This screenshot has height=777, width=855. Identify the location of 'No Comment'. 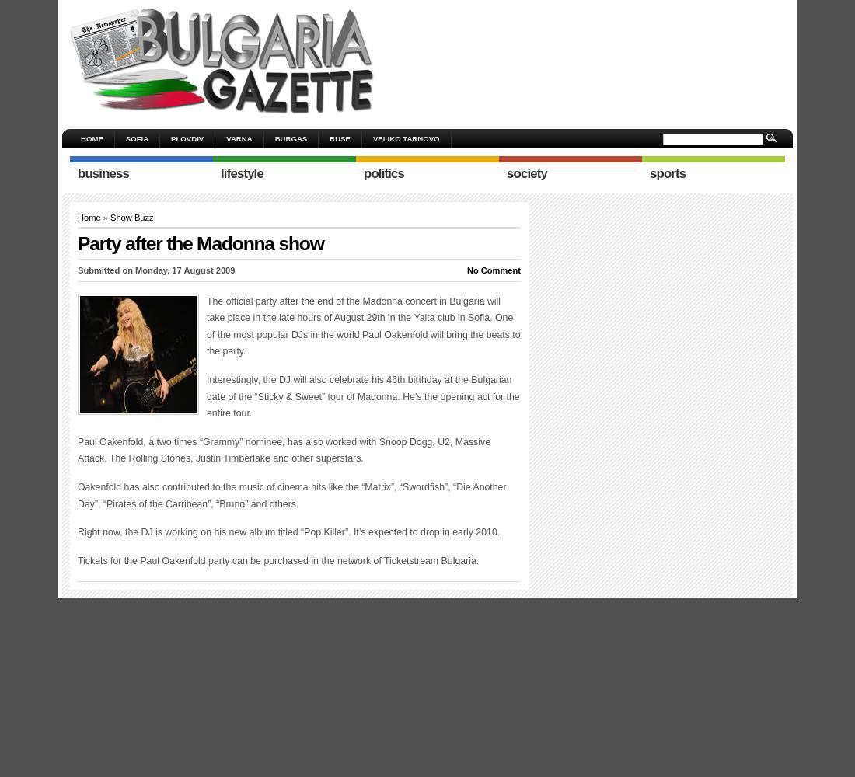
(494, 269).